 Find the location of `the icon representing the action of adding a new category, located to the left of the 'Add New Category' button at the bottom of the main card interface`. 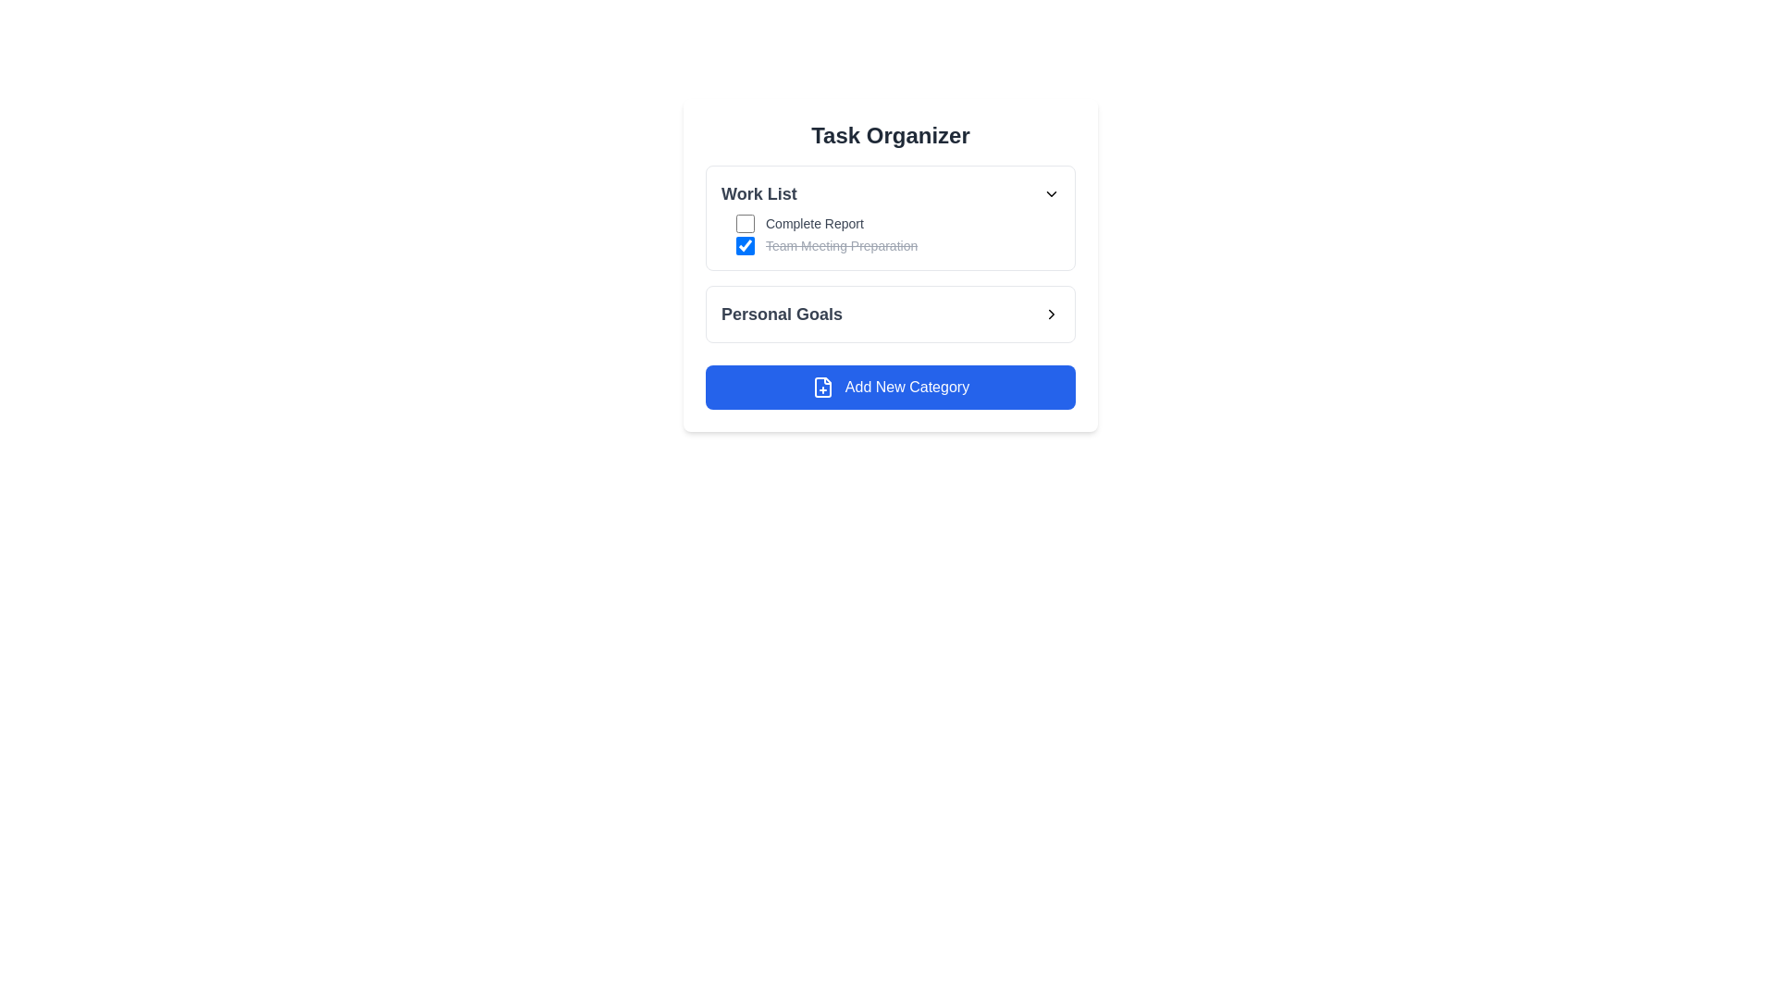

the icon representing the action of adding a new category, located to the left of the 'Add New Category' button at the bottom of the main card interface is located at coordinates (821, 387).